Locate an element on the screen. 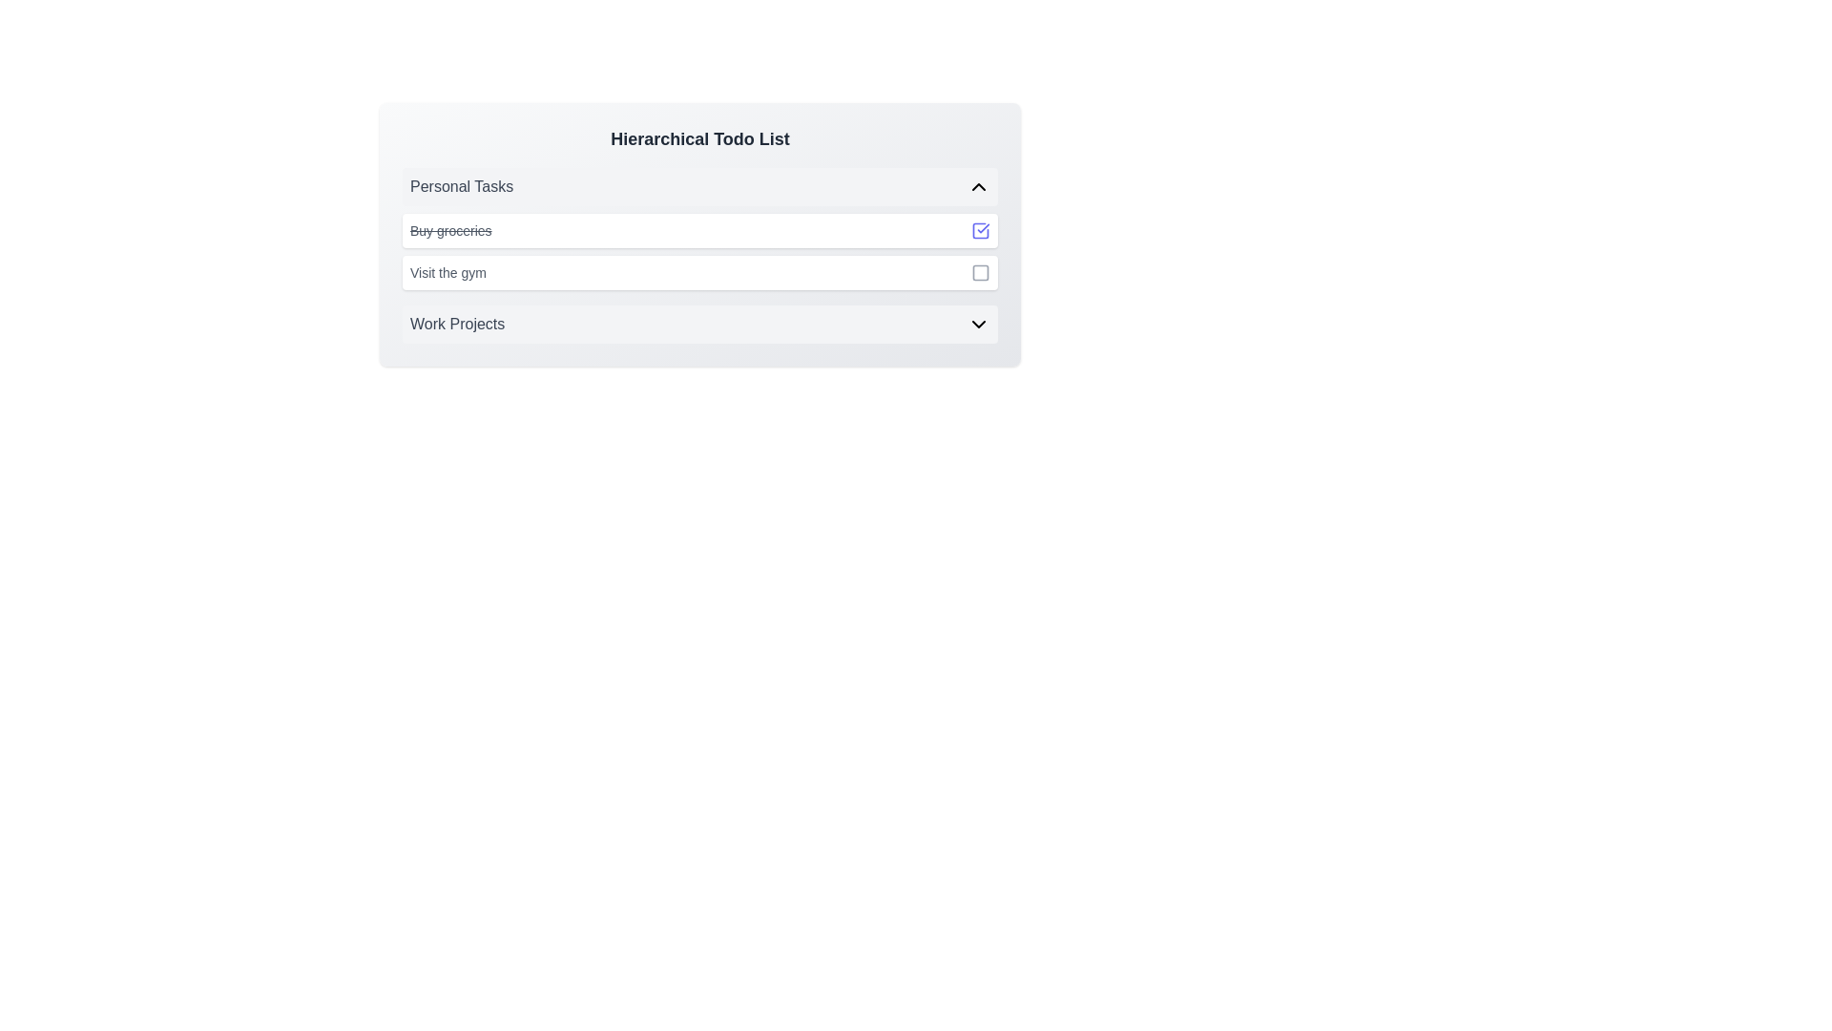 The image size is (1832, 1031). on the list item labeled 'Buy groceries' with a line-through decoration is located at coordinates (699, 234).